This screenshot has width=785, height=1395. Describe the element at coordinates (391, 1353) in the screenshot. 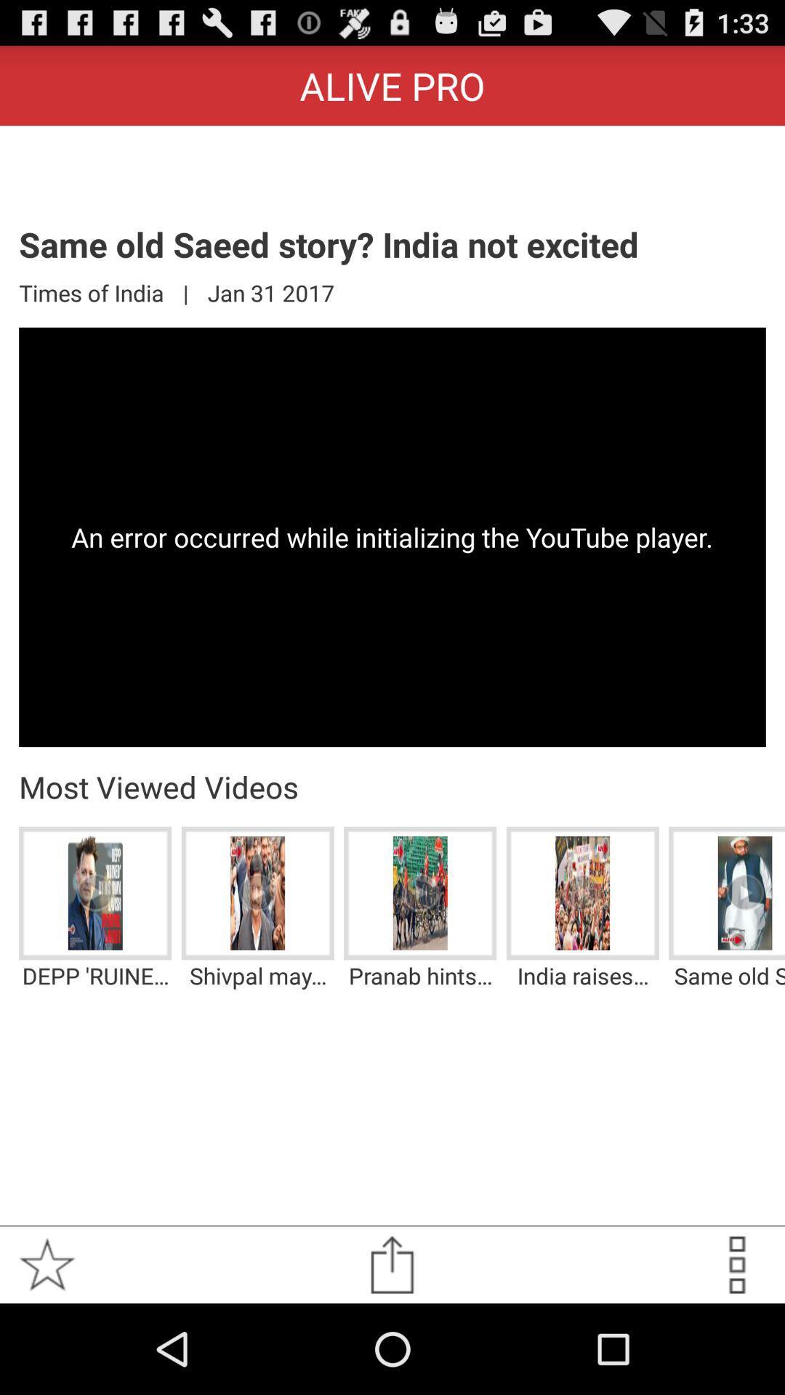

I see `the share icon` at that location.